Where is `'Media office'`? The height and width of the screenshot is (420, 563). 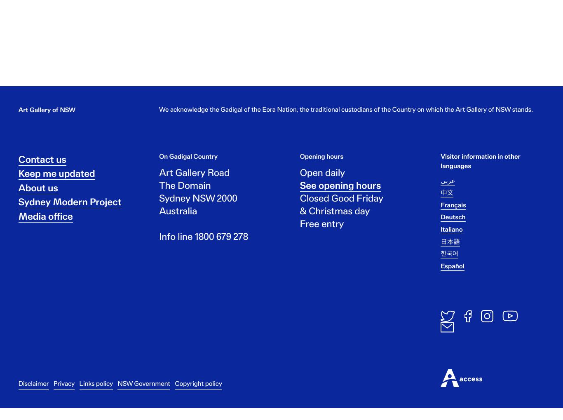
'Media office' is located at coordinates (45, 222).